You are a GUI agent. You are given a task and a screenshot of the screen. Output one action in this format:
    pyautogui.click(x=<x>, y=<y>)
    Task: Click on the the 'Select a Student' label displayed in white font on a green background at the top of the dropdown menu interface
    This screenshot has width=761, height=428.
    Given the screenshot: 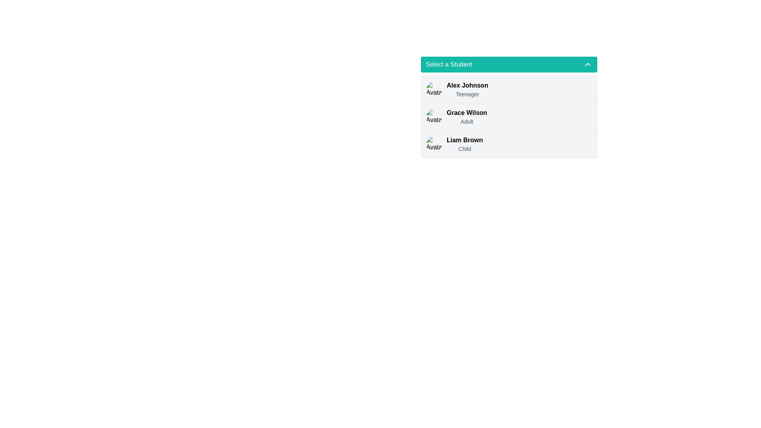 What is the action you would take?
    pyautogui.click(x=449, y=64)
    